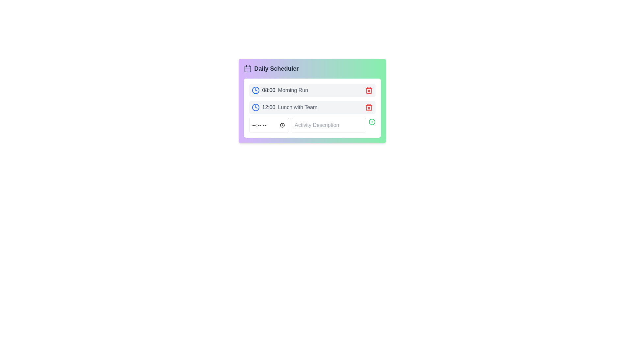  I want to click on clock icon of the first scheduled activity labeled 'Morning Run' in the Daily Scheduler for additional functionality, so click(279, 90).